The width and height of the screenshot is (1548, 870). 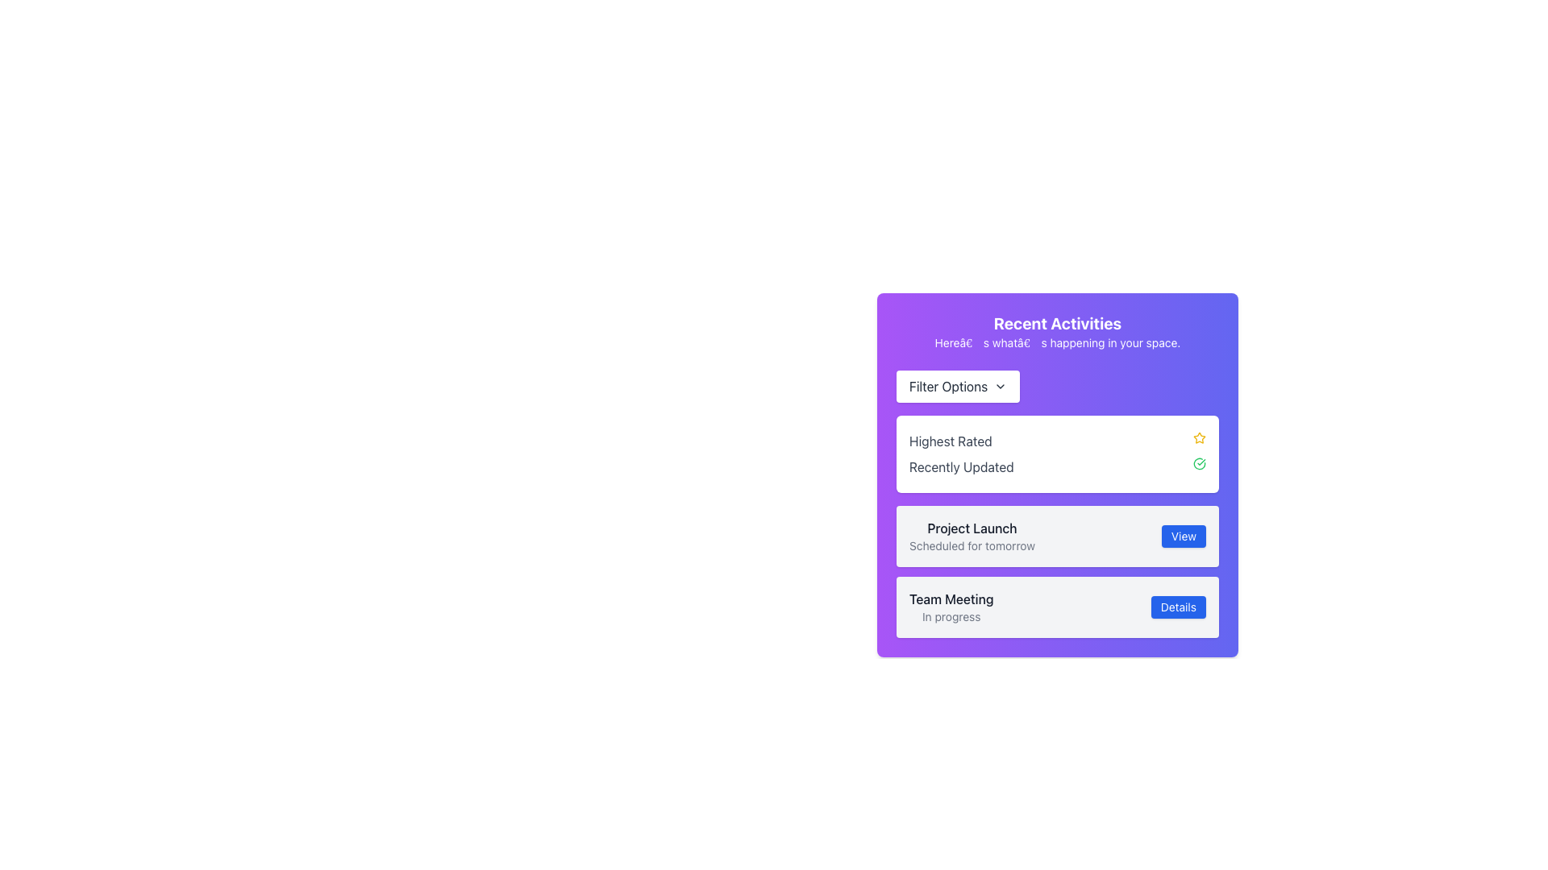 What do you see at coordinates (958, 386) in the screenshot?
I see `the 'Filter Options' dropdown menu` at bounding box center [958, 386].